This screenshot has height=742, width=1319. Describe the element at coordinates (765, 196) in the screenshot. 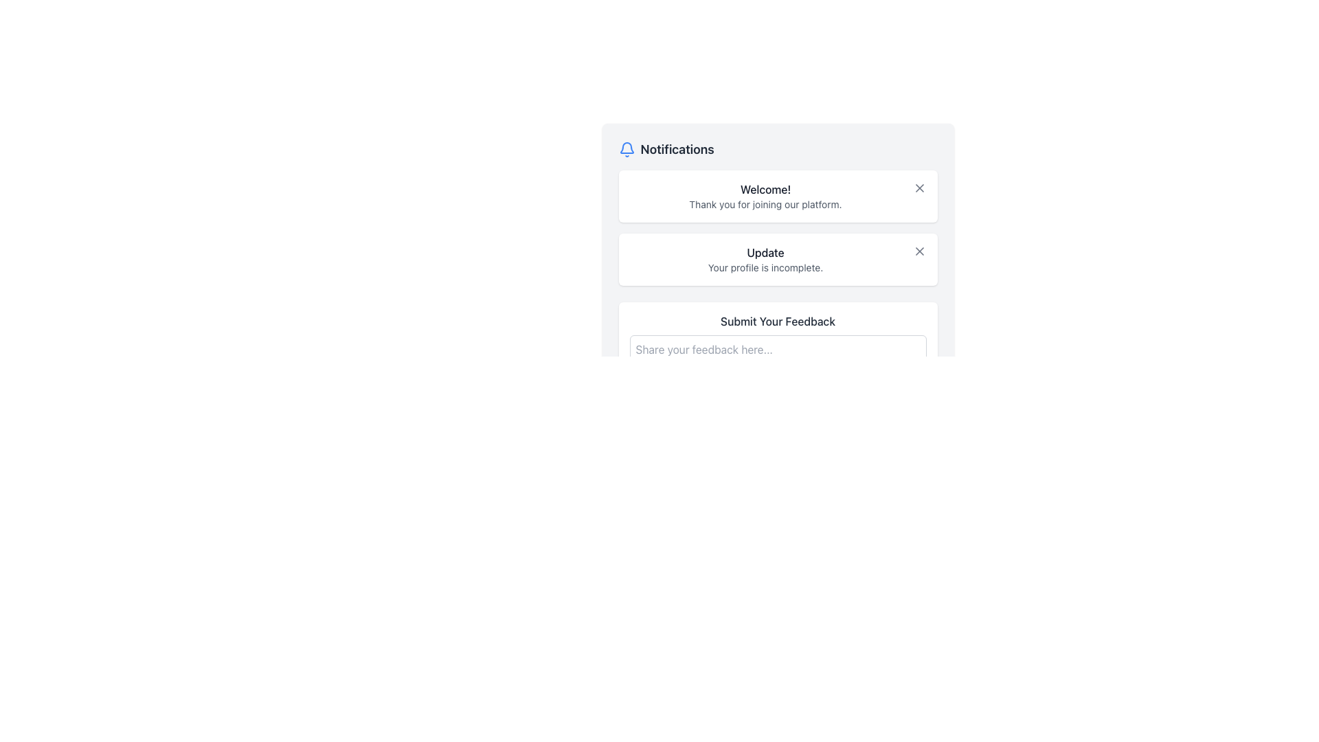

I see `the 'Welcome!' text in the notifications panel, which is displayed in bold and is the first line of the text display` at that location.